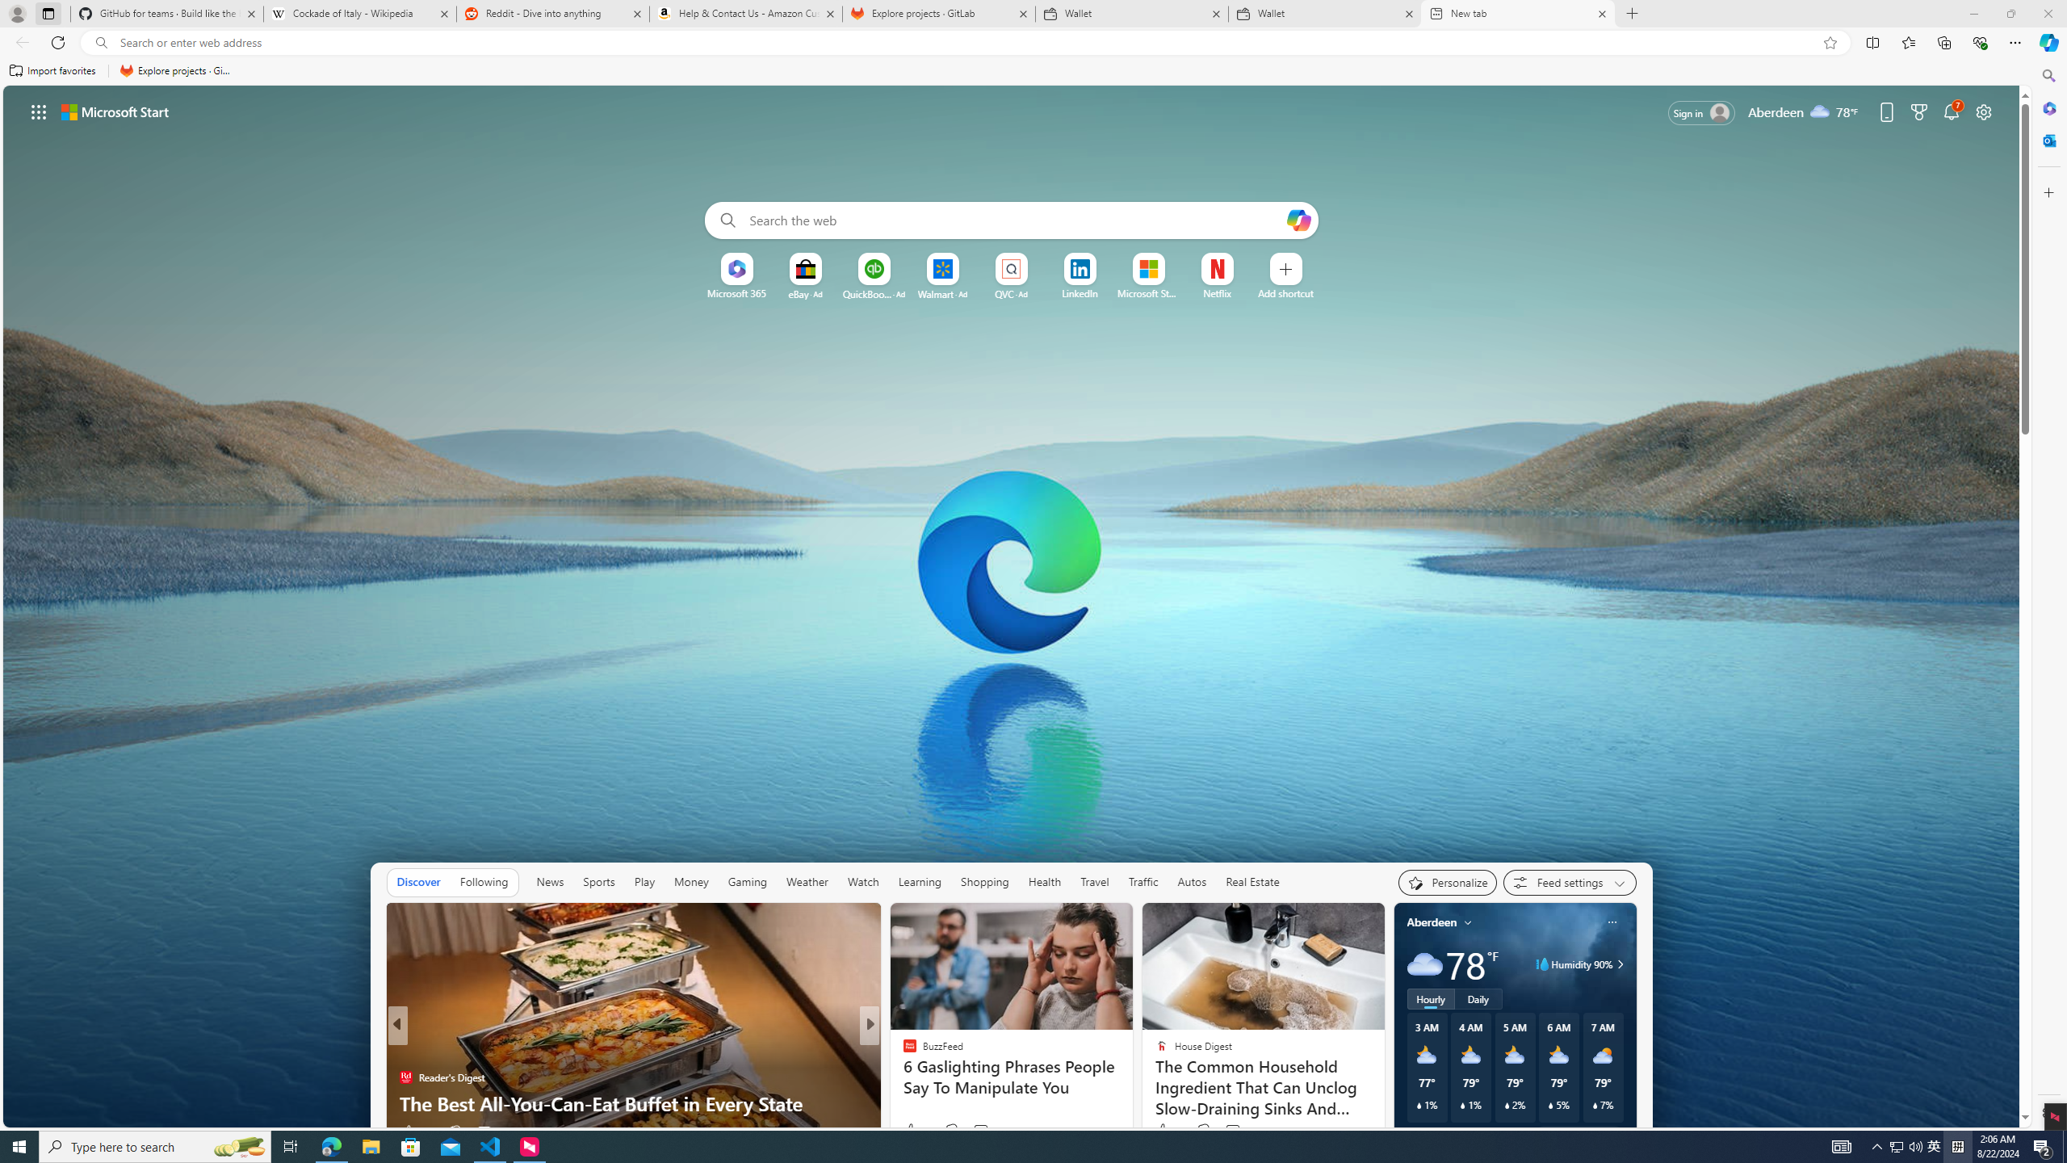 The width and height of the screenshot is (2067, 1163). Describe the element at coordinates (902, 1077) in the screenshot. I see `'Martha Stewart Living'` at that location.